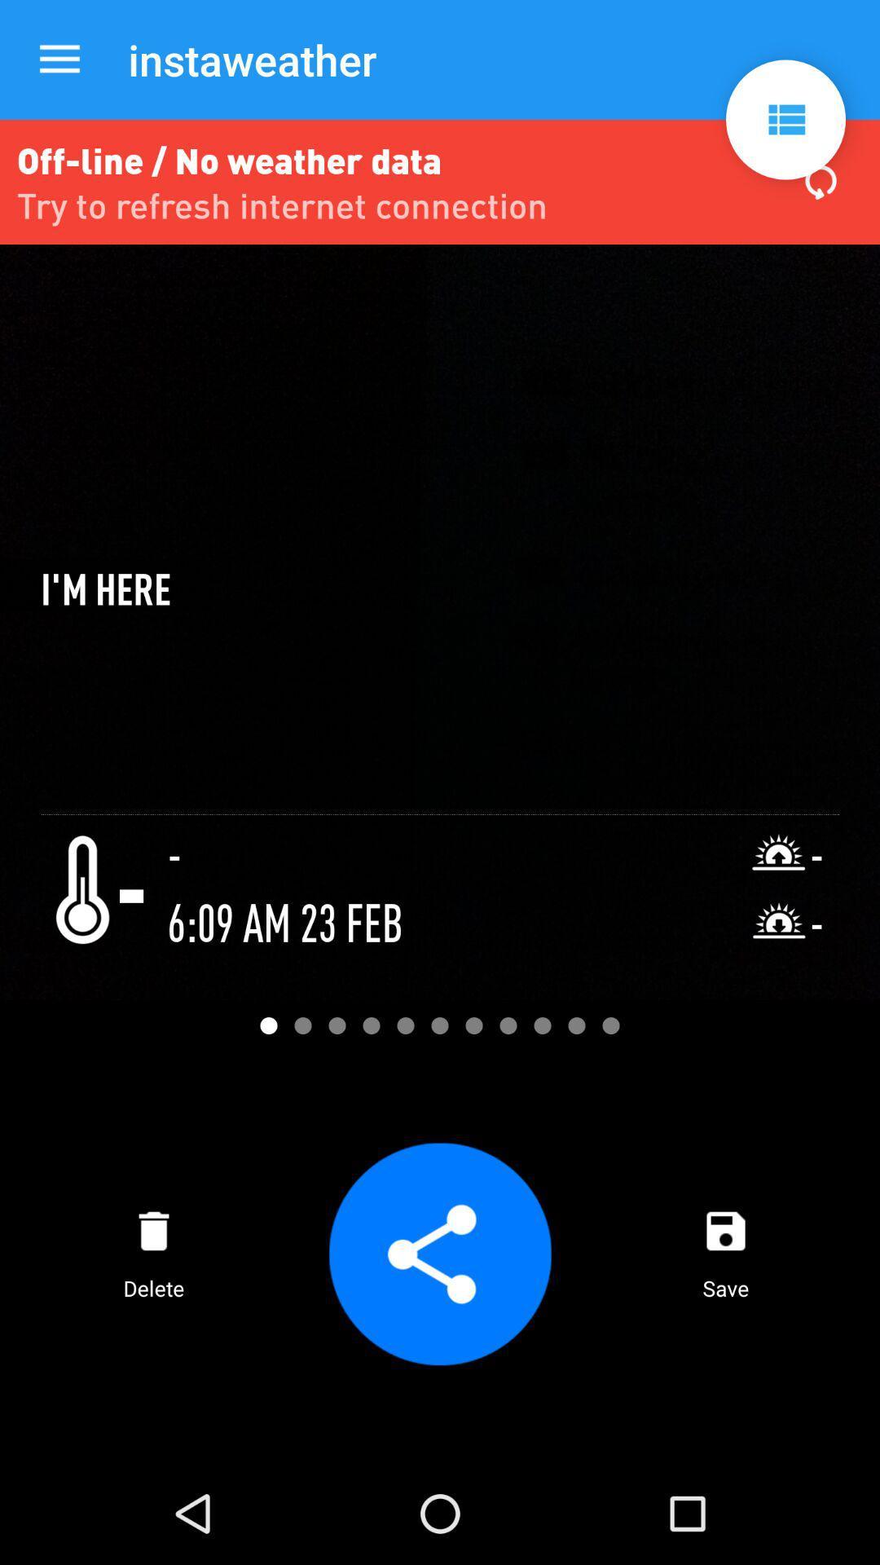 Image resolution: width=880 pixels, height=1565 pixels. What do you see at coordinates (154, 1253) in the screenshot?
I see `the delete item` at bounding box center [154, 1253].